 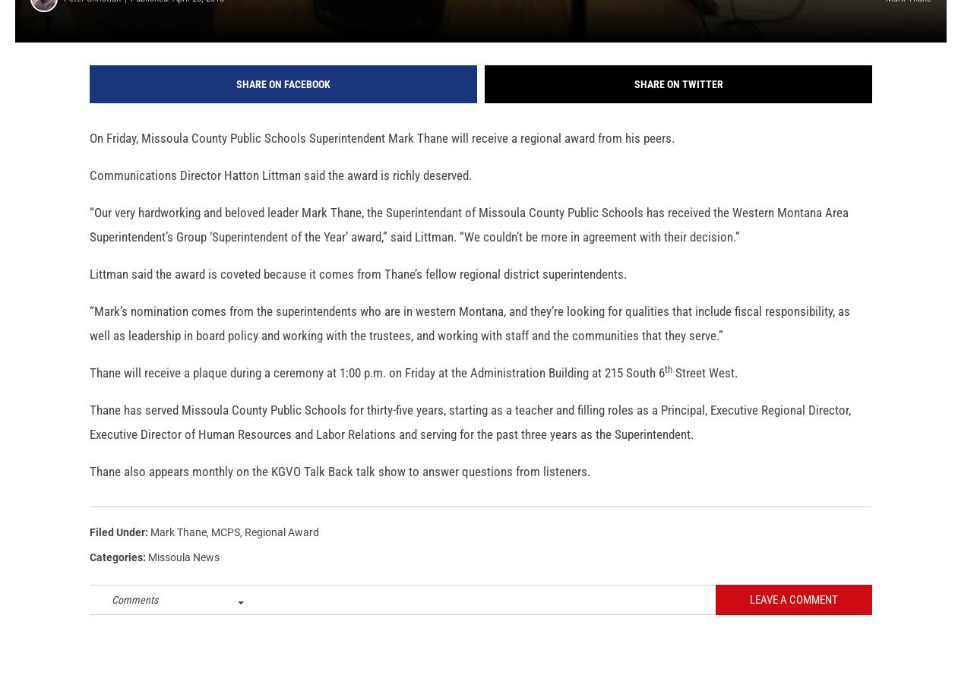 I want to click on '“Our very hardworking and beloved leader Mark Thane, the Superintendant of Missoula County Public Schools has received the Western Montana Area Superintendent’s Group ‘Superintendent of the Year’ award,” said Littman. “We couldn’t be more in agreement with their decision.”', so click(x=90, y=245).